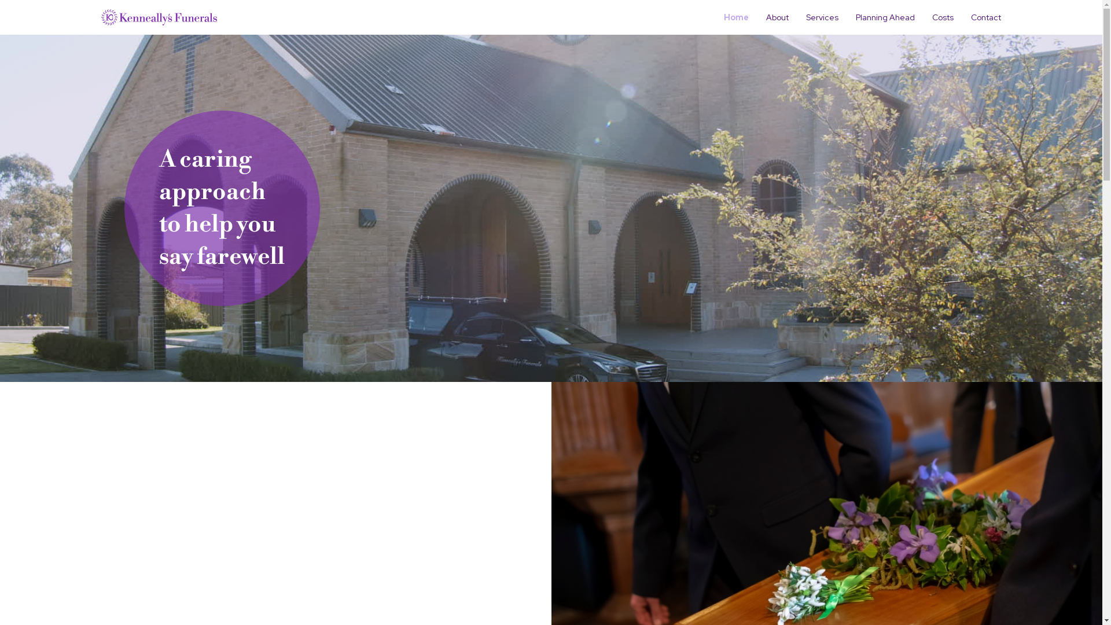  Describe the element at coordinates (777, 17) in the screenshot. I see `'About'` at that location.